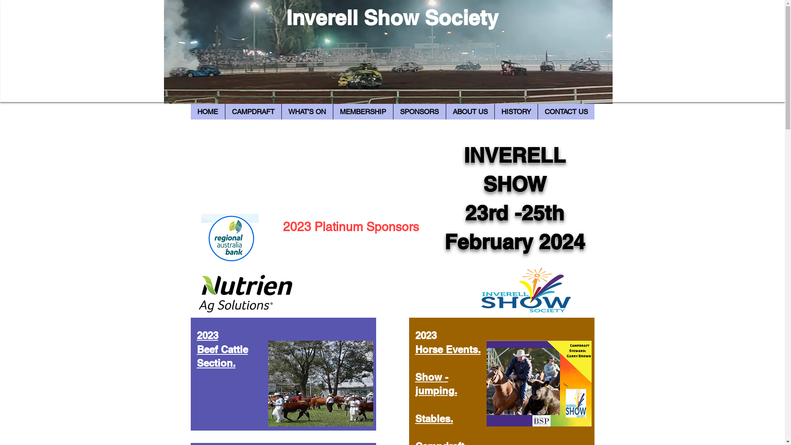  I want to click on 'Stables.', so click(415, 418).